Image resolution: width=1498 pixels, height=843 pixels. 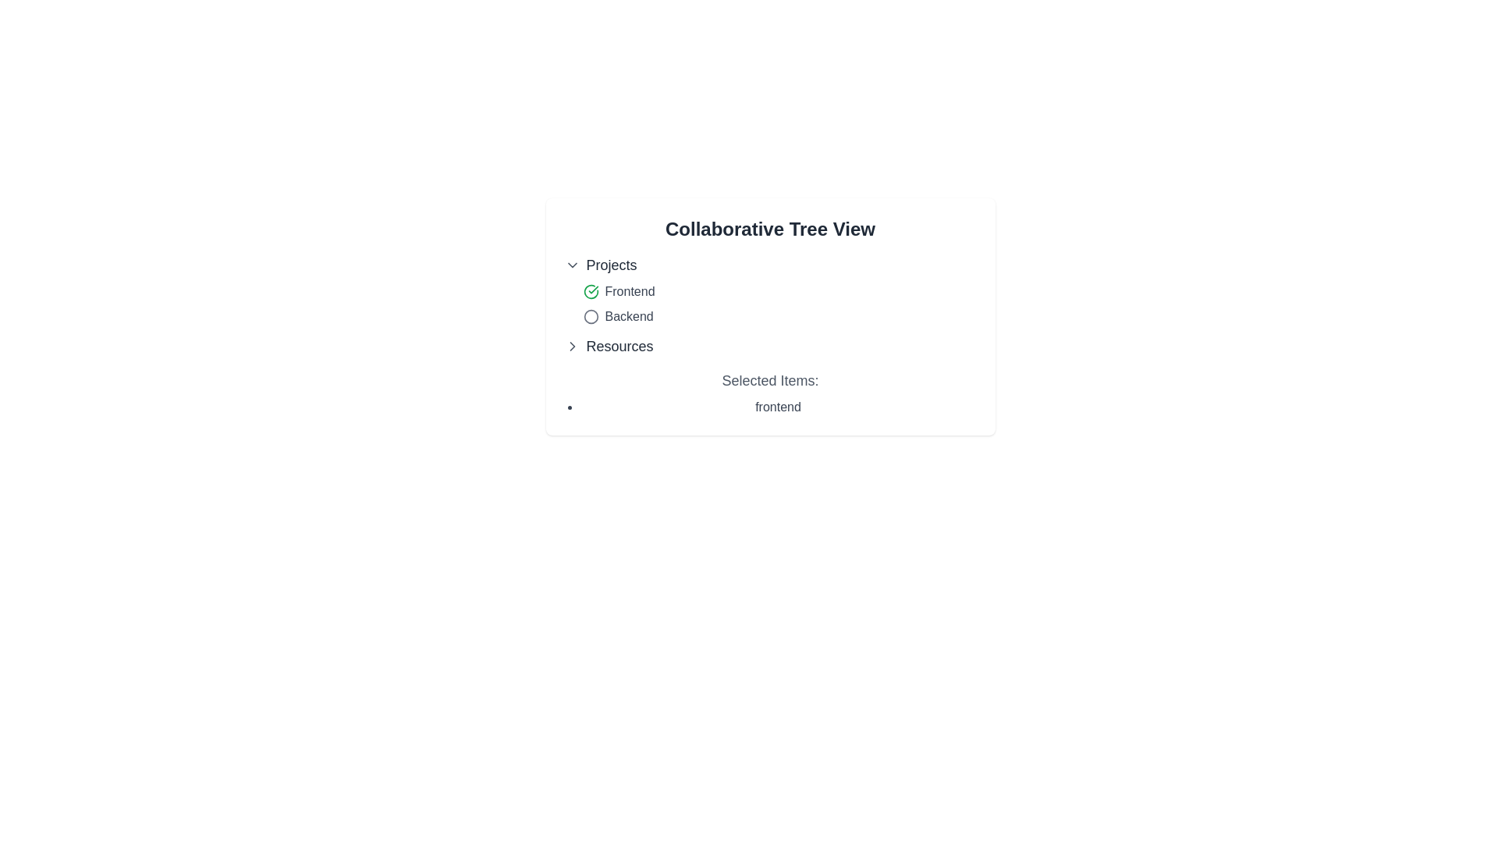 I want to click on text of the 'Frontend' label, which is a medium-gray textual label styled in a standard sans-serif font, located inline next to a green checkmark icon in the 'Collaborative Tree View' under 'Projects', so click(x=630, y=292).